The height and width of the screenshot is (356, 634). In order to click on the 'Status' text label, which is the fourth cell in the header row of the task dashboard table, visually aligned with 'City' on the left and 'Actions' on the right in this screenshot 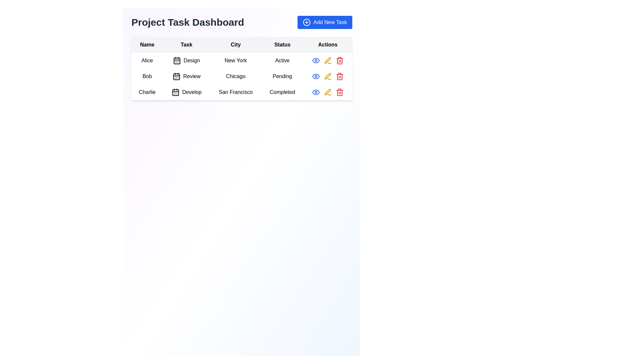, I will do `click(282, 44)`.